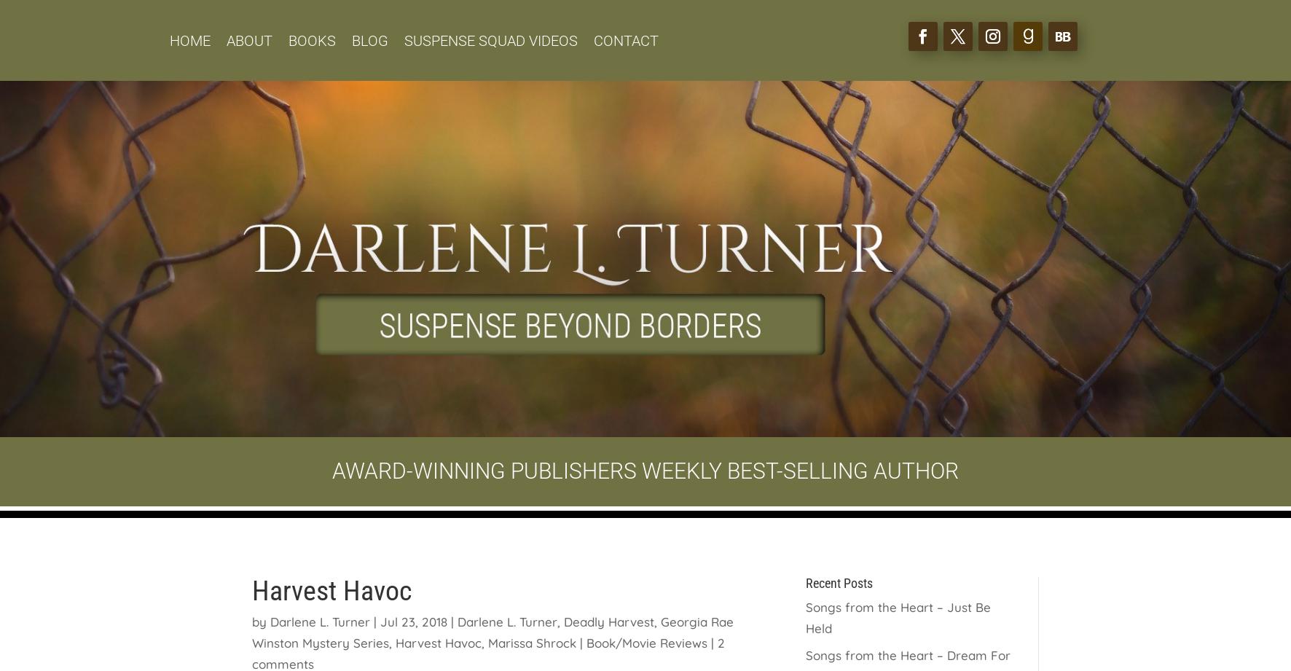 The width and height of the screenshot is (1291, 671). I want to click on 'About', so click(248, 40).